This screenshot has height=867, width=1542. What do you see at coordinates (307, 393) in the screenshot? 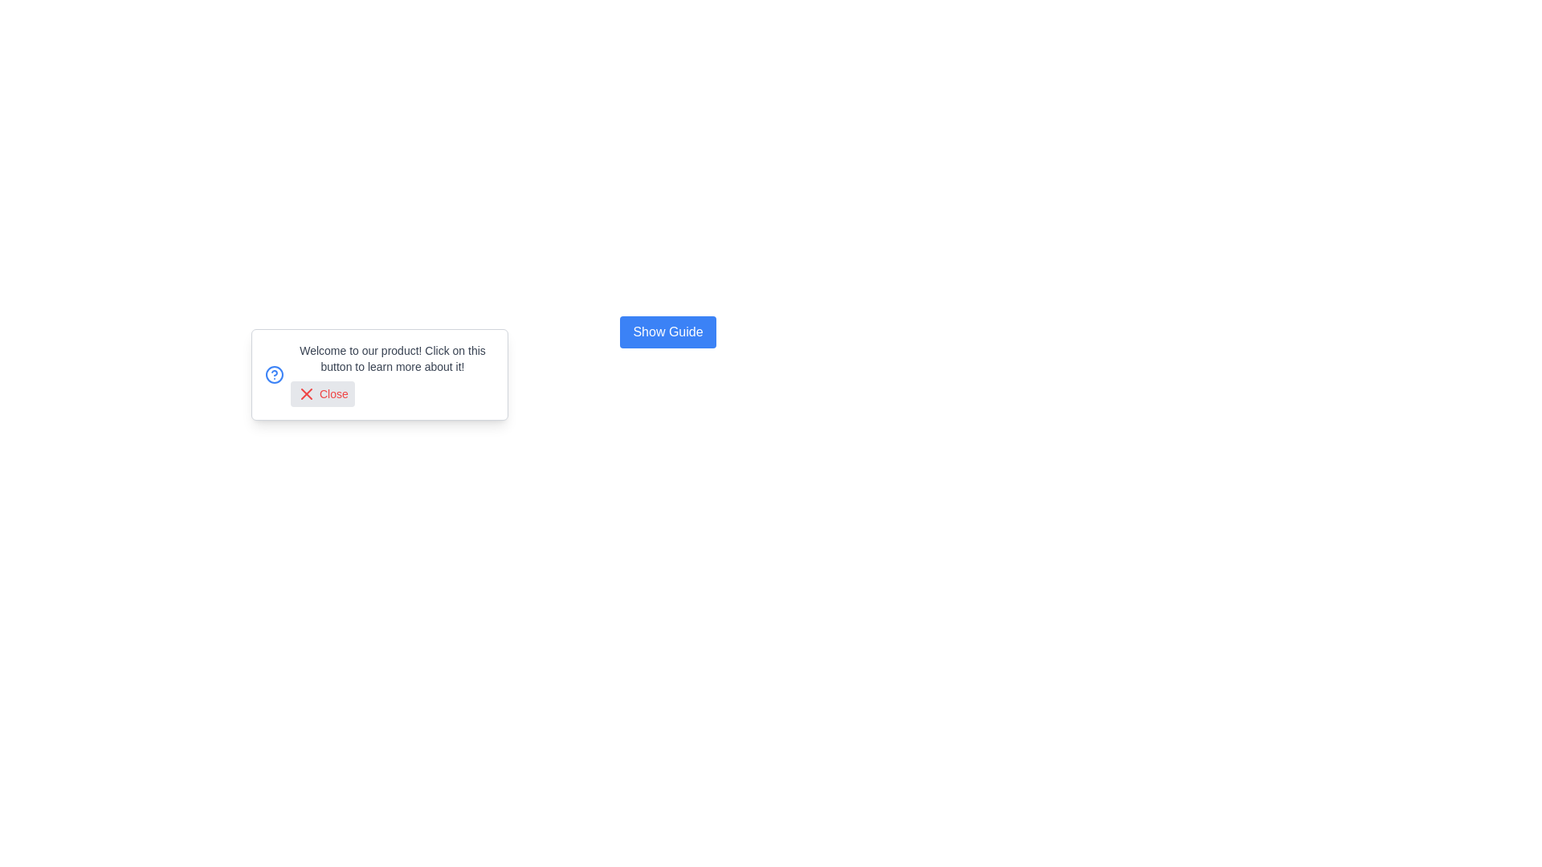
I see `the close icon located to the left of the 'Close' label, which is styled with red text on a gray background` at bounding box center [307, 393].